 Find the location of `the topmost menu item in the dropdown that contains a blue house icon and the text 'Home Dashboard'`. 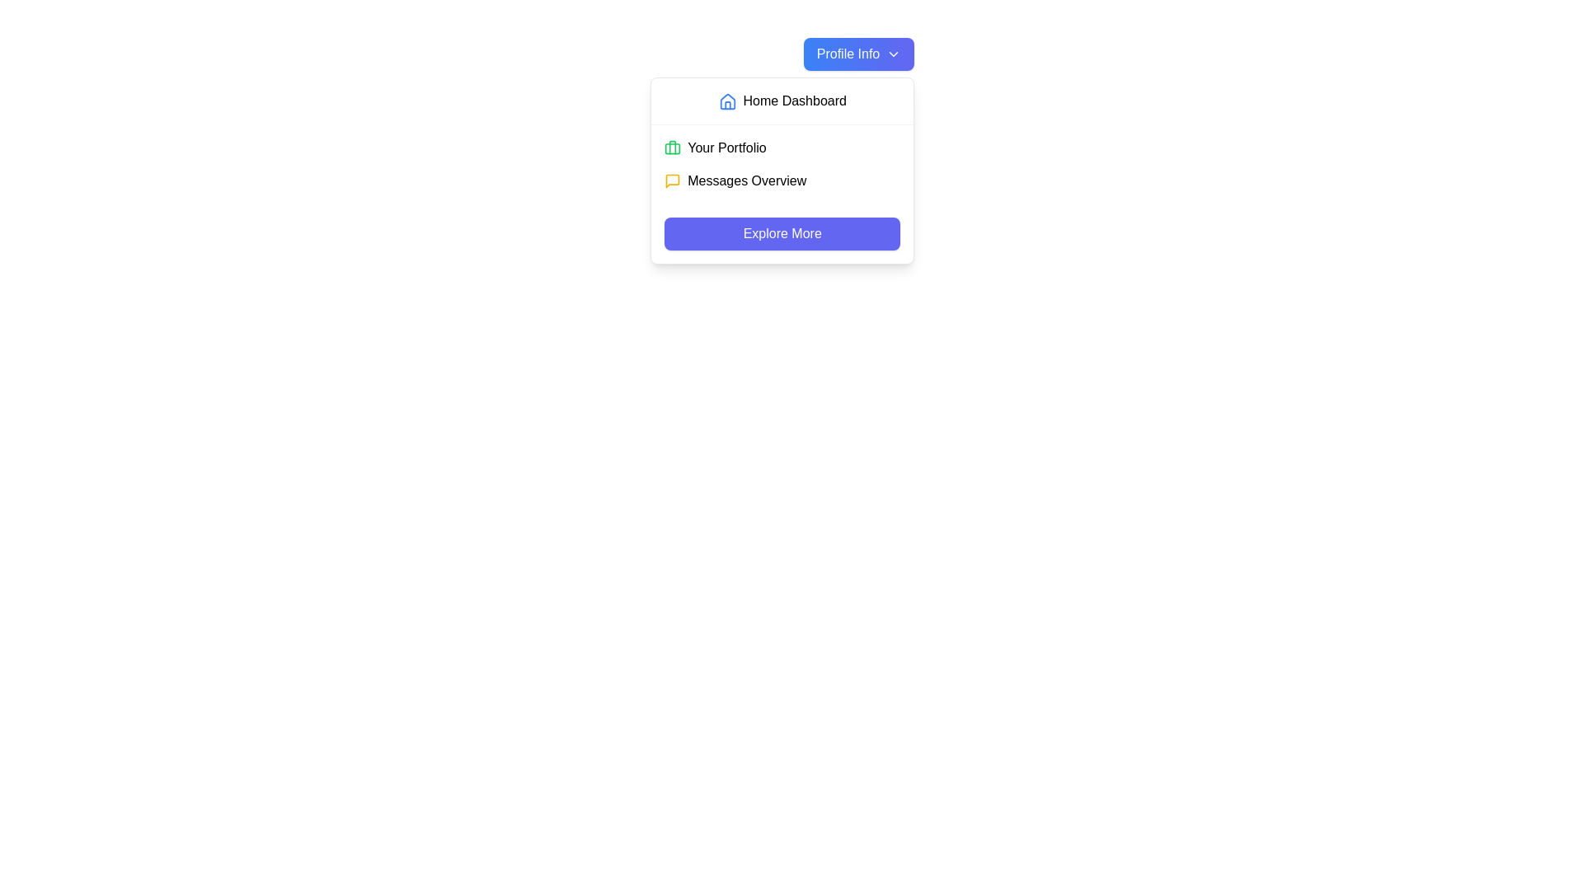

the topmost menu item in the dropdown that contains a blue house icon and the text 'Home Dashboard' is located at coordinates (782, 101).